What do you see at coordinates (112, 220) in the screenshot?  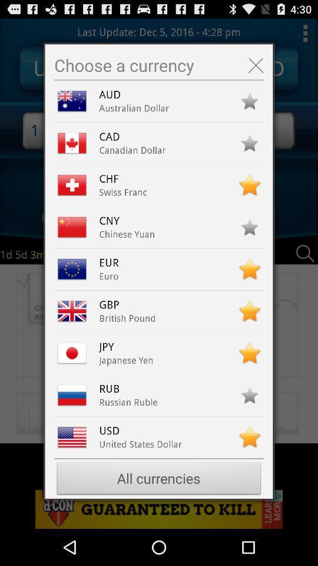 I see `the cny item` at bounding box center [112, 220].